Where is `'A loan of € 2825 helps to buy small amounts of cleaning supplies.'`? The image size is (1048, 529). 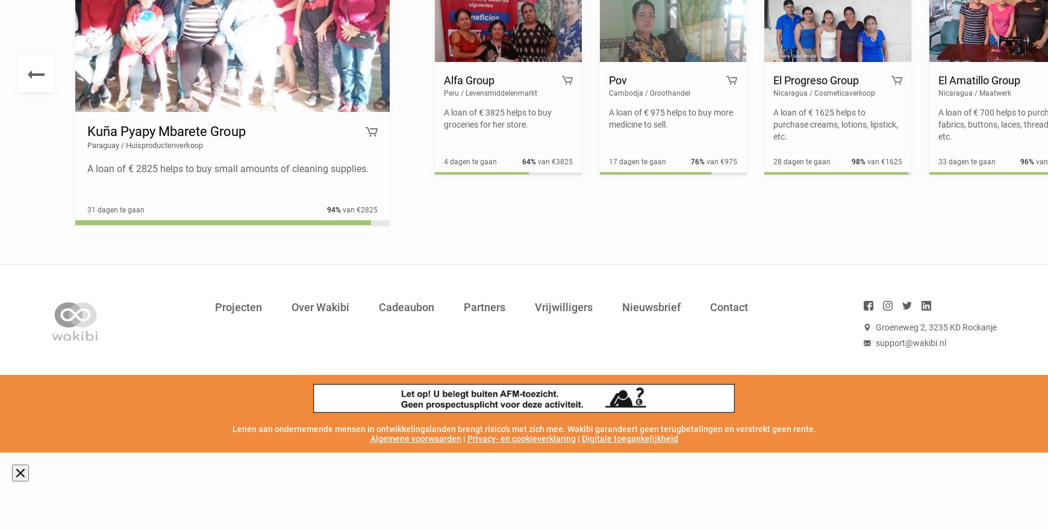
'A loan of € 2825 helps to buy small amounts of cleaning supplies.' is located at coordinates (227, 168).